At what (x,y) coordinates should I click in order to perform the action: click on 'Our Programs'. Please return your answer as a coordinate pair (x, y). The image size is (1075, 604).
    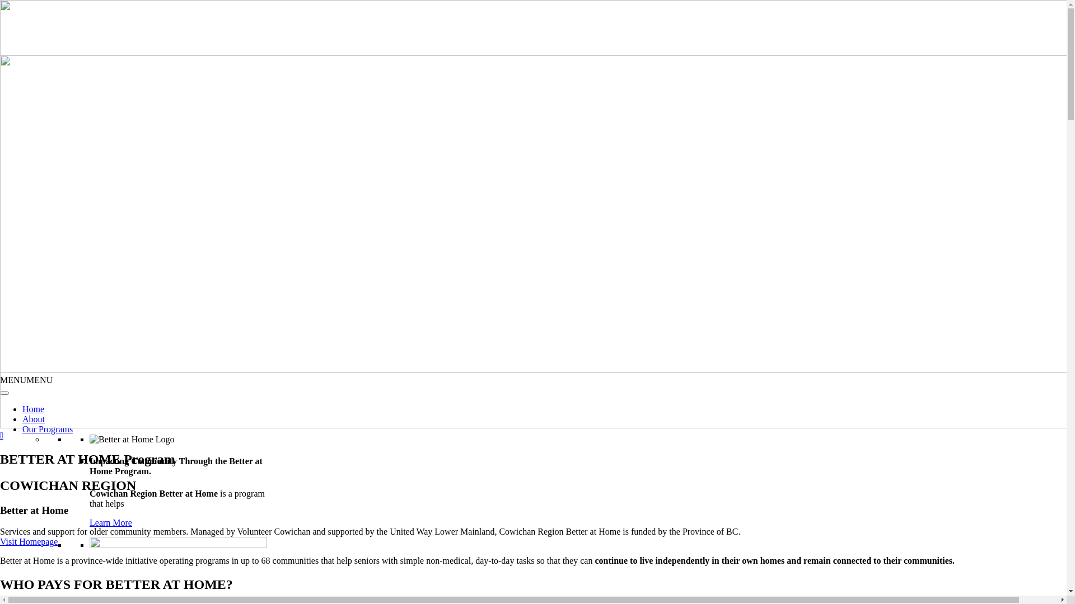
    Looking at the image, I should click on (47, 428).